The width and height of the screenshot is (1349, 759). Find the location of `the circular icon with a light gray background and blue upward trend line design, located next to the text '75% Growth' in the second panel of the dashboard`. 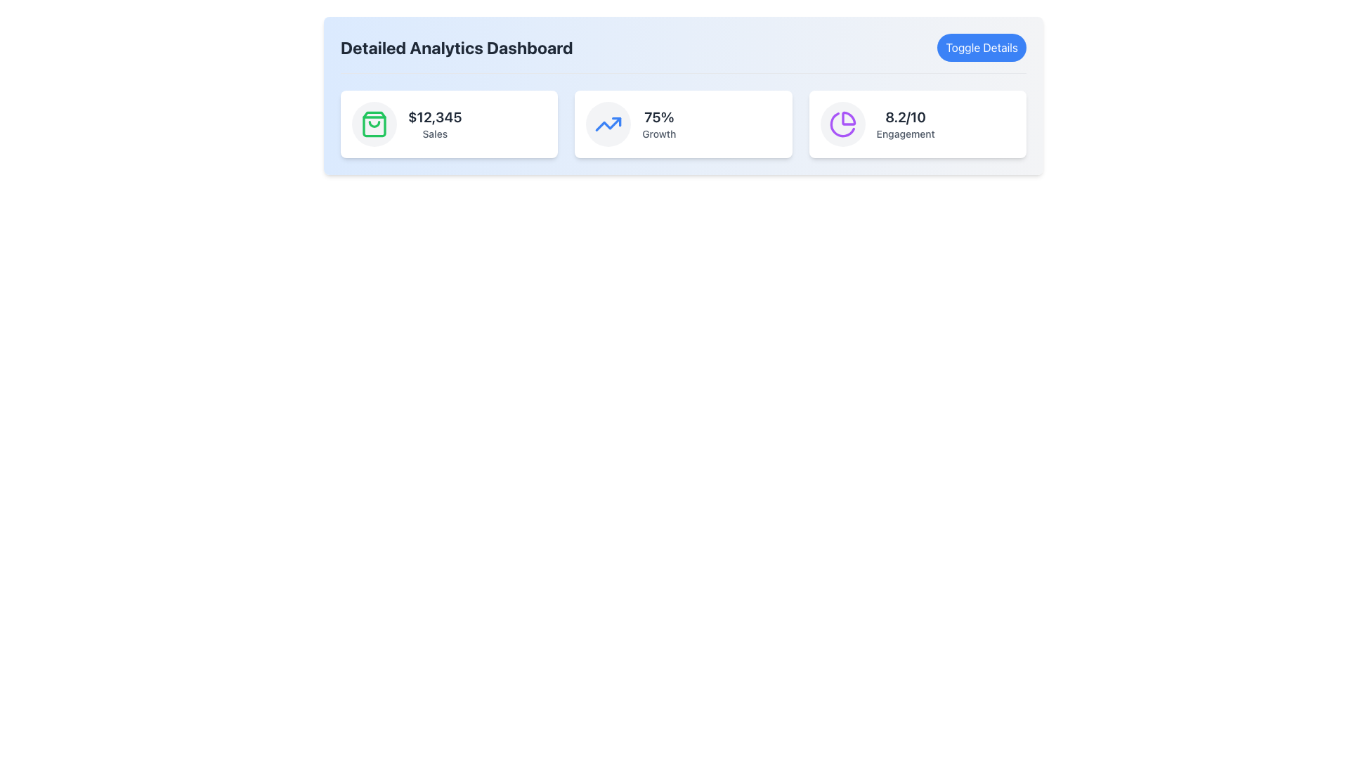

the circular icon with a light gray background and blue upward trend line design, located next to the text '75% Growth' in the second panel of the dashboard is located at coordinates (608, 124).